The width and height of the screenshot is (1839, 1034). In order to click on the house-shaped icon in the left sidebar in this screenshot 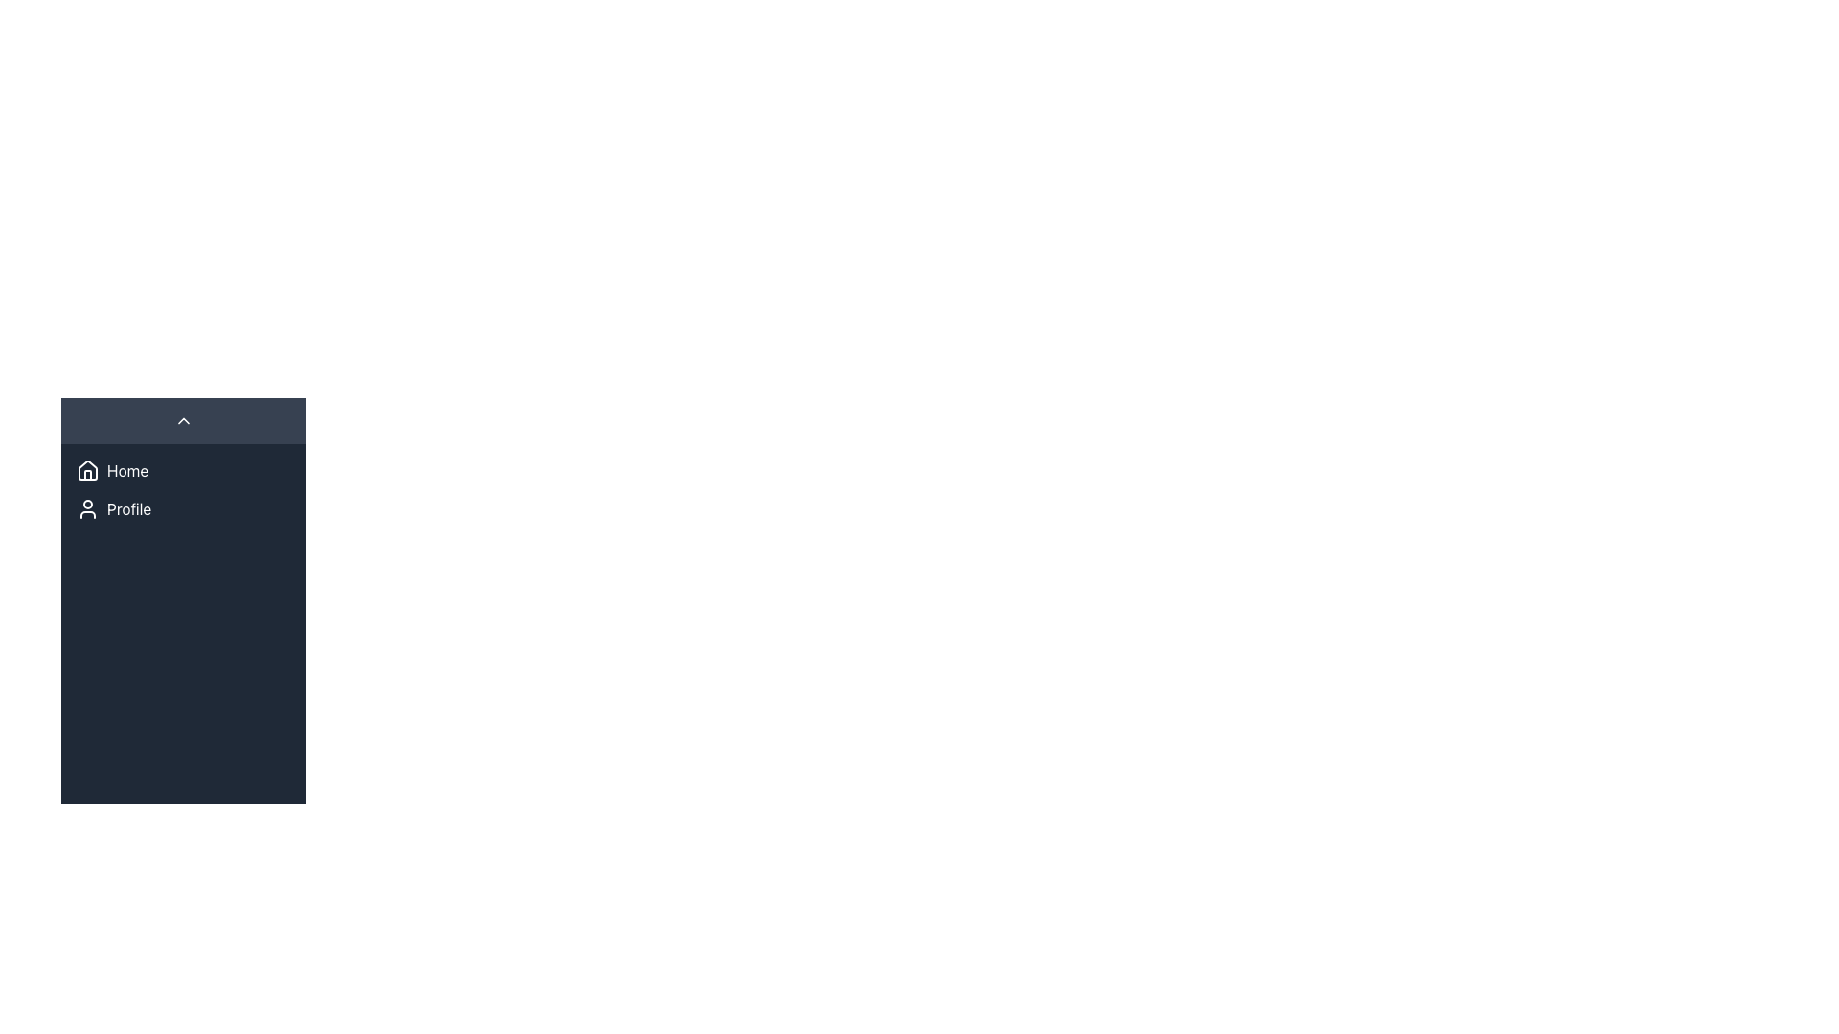, I will do `click(86, 469)`.